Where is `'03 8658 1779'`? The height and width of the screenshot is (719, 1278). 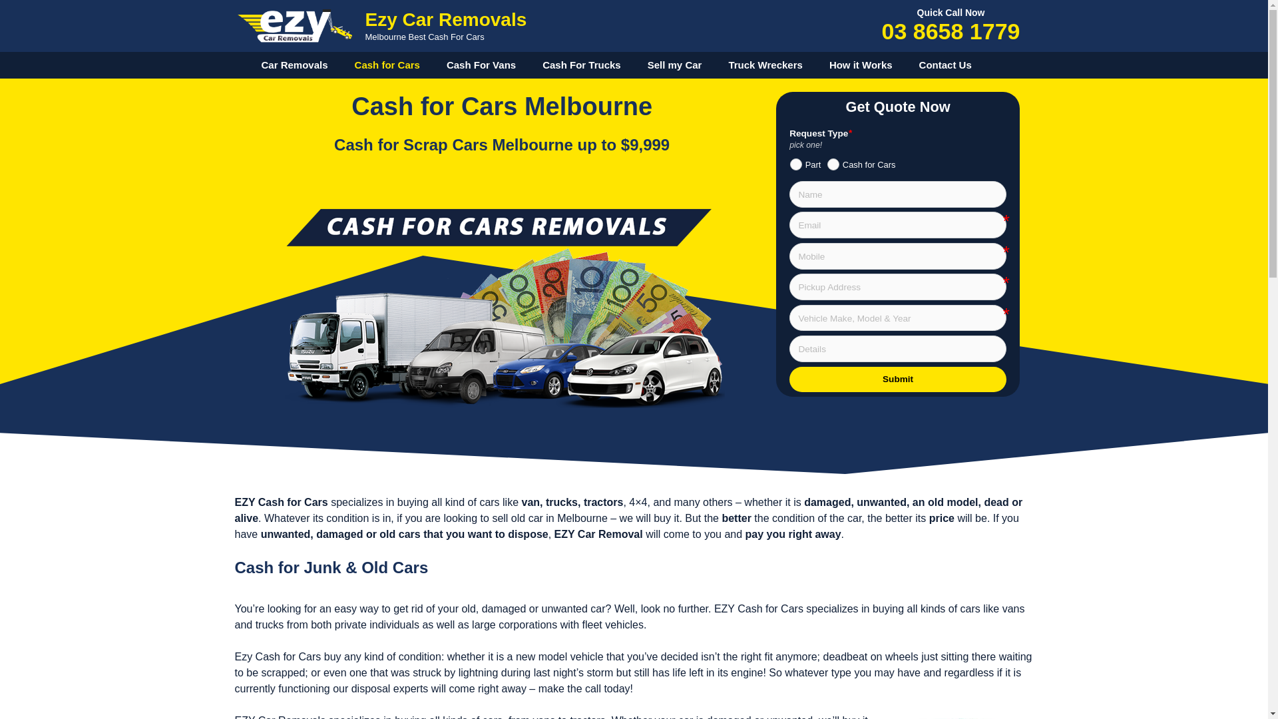
'03 8658 1779' is located at coordinates (951, 30).